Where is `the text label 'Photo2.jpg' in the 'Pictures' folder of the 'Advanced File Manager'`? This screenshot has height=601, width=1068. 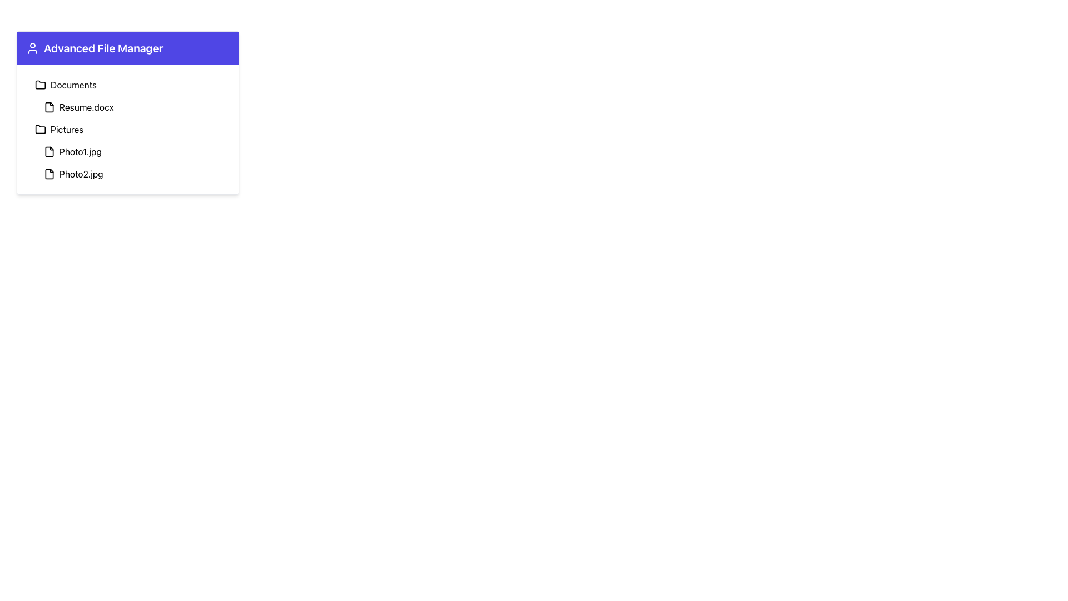 the text label 'Photo2.jpg' in the 'Pictures' folder of the 'Advanced File Manager' is located at coordinates (81, 174).